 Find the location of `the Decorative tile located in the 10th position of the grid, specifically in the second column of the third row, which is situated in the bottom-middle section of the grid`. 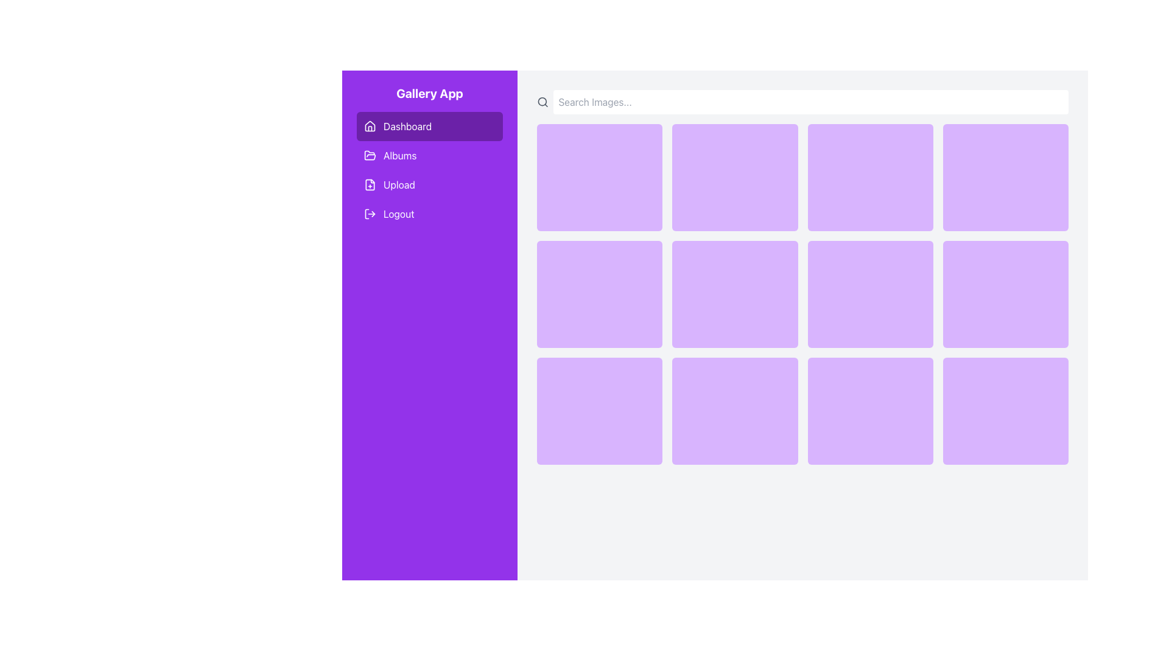

the Decorative tile located in the 10th position of the grid, specifically in the second column of the third row, which is situated in the bottom-middle section of the grid is located at coordinates (734, 411).